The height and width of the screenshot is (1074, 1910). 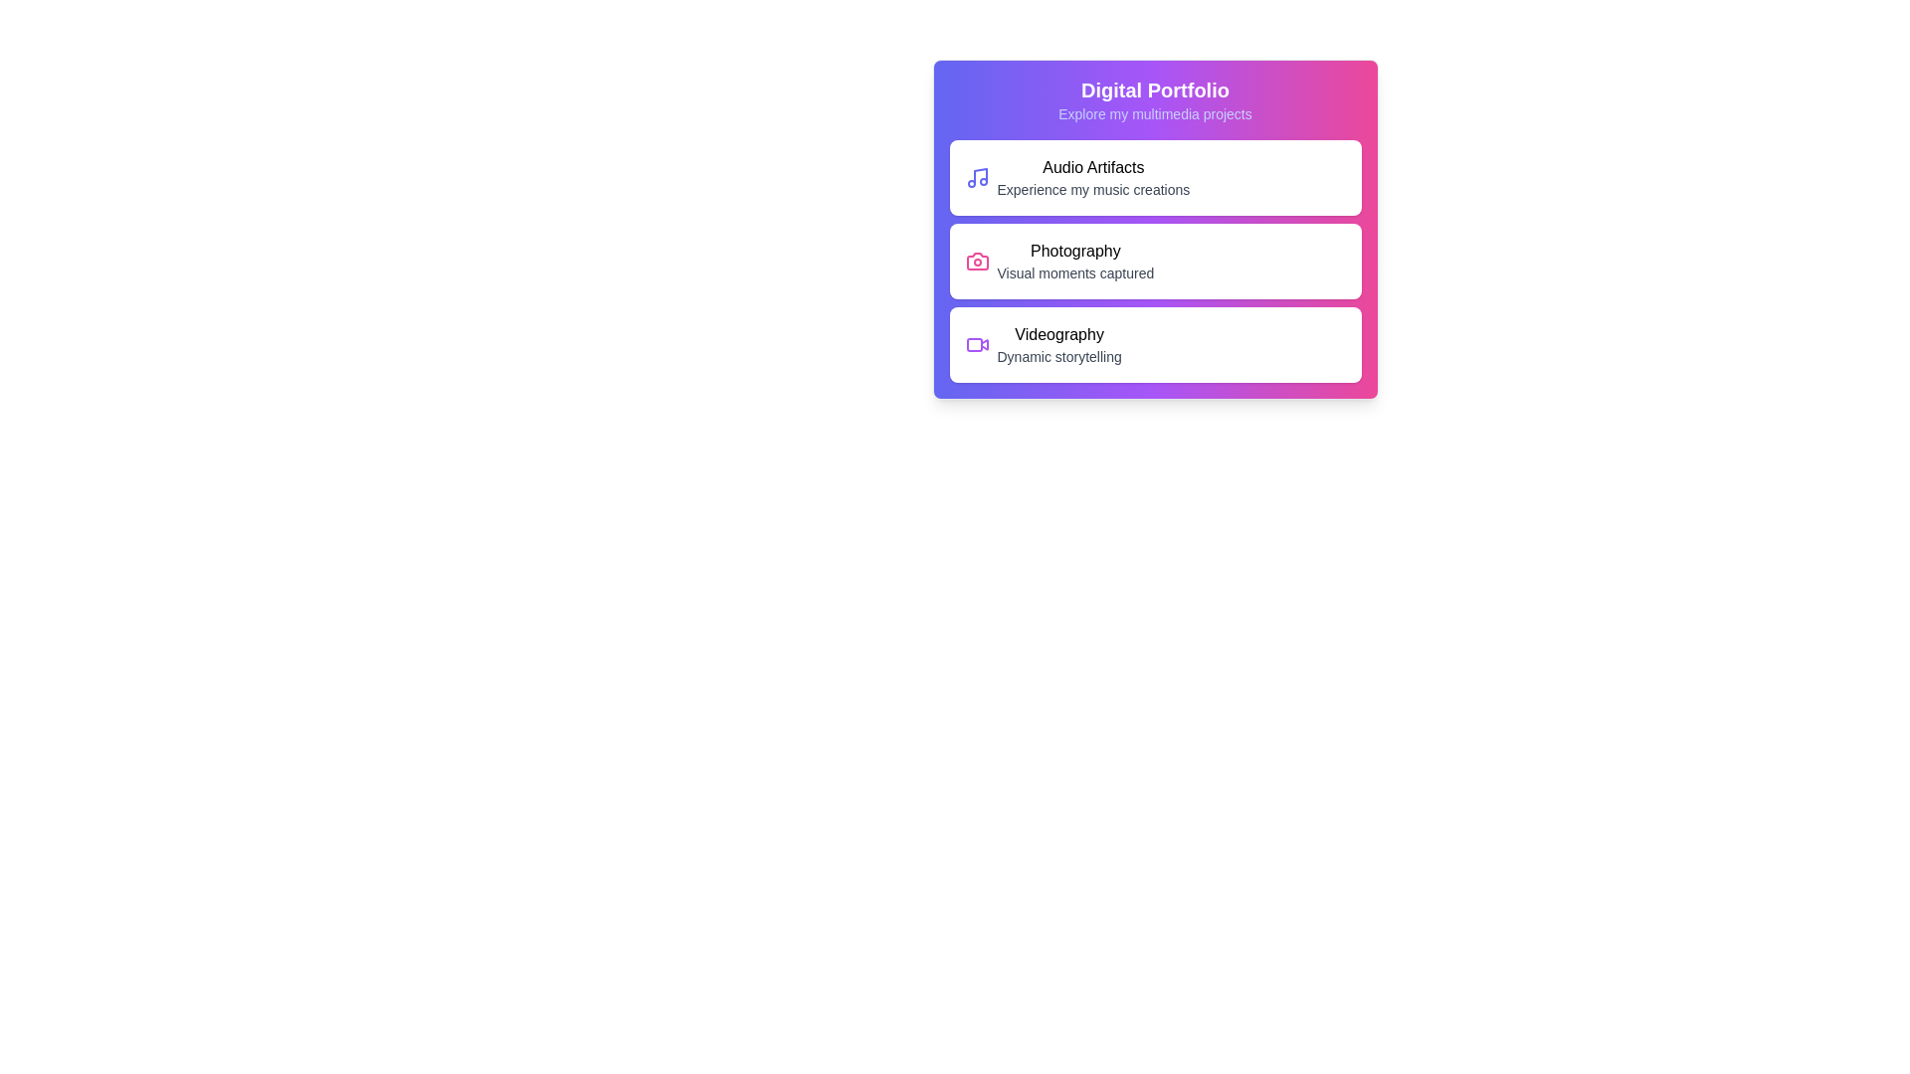 I want to click on the List item with the title 'Videography' and subtitle 'Dynamic storytelling', so click(x=1058, y=344).